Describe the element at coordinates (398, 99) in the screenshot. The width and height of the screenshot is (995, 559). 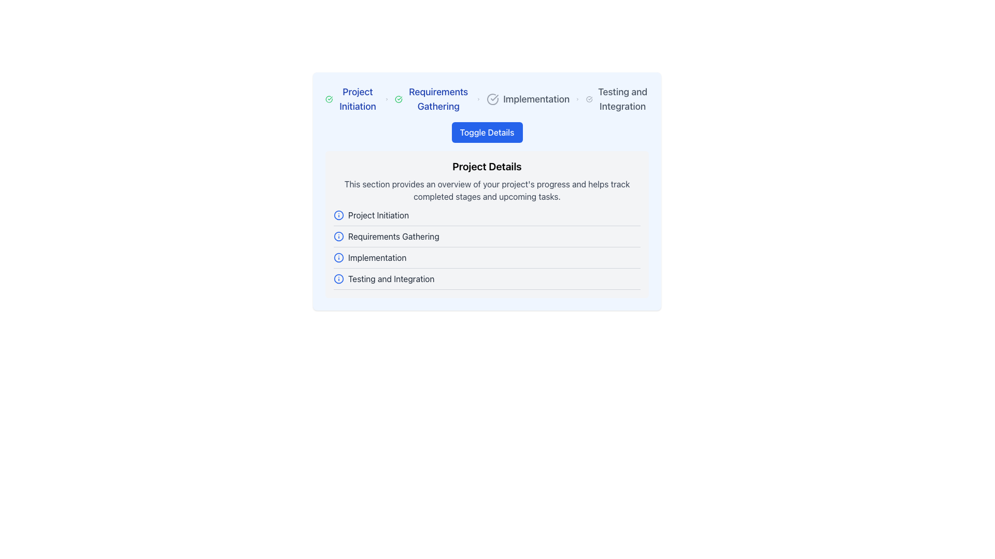
I see `the circular green check mark icon in the breadcrumb navigation bar, which indicates completion and is located to the left of the 'Requirements Gathering' text` at that location.